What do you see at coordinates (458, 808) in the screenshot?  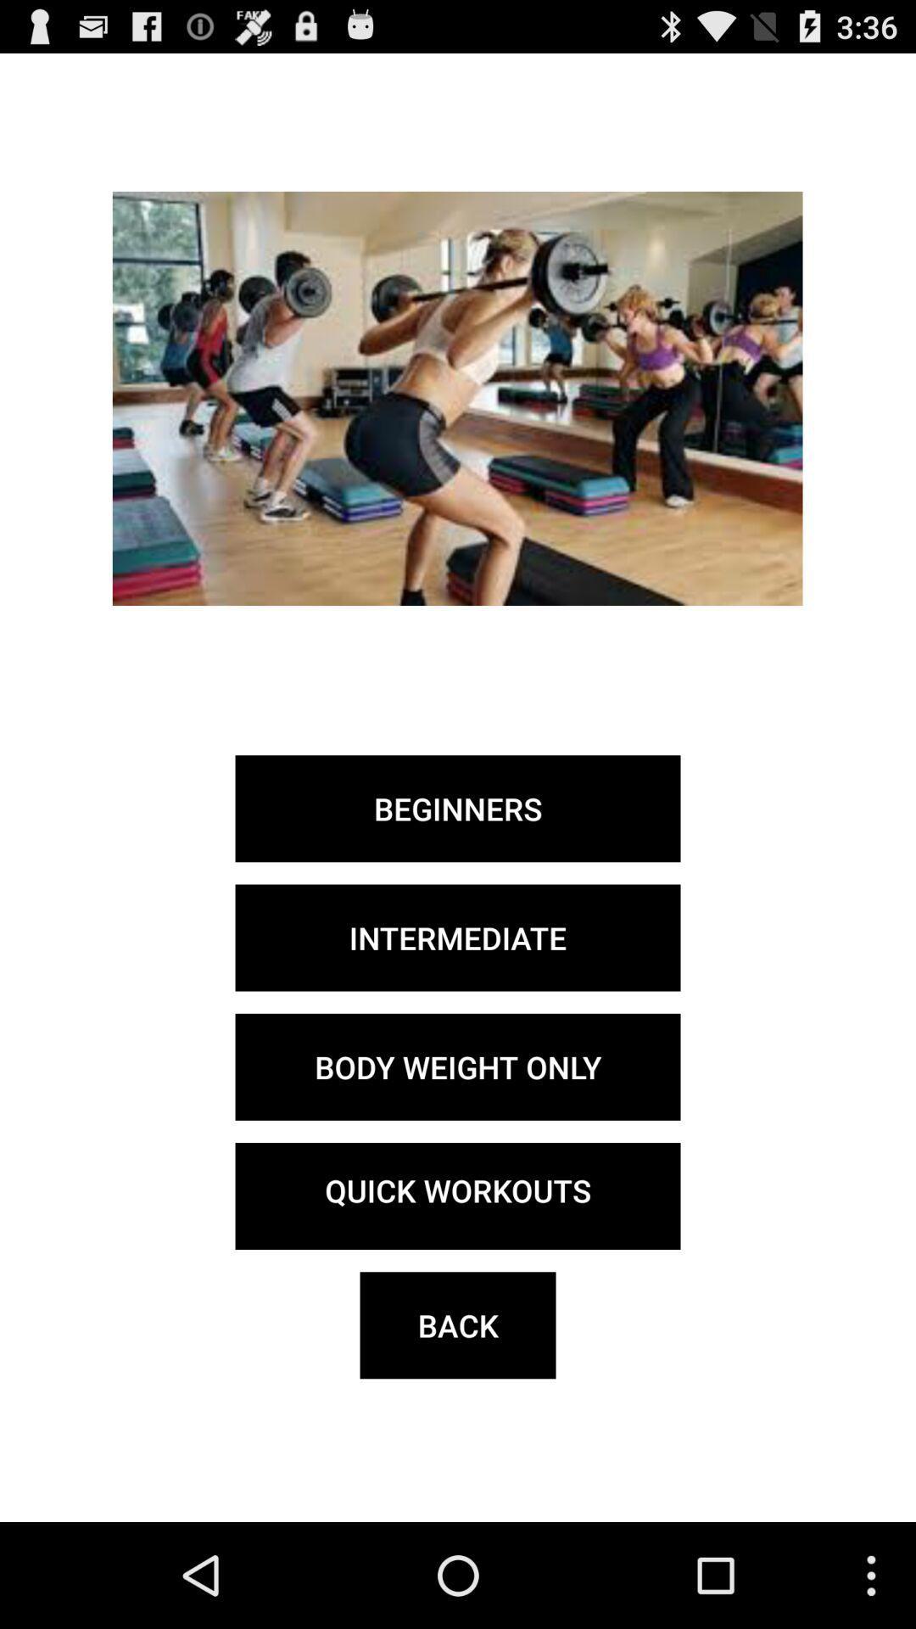 I see `icon above intermediate button` at bounding box center [458, 808].